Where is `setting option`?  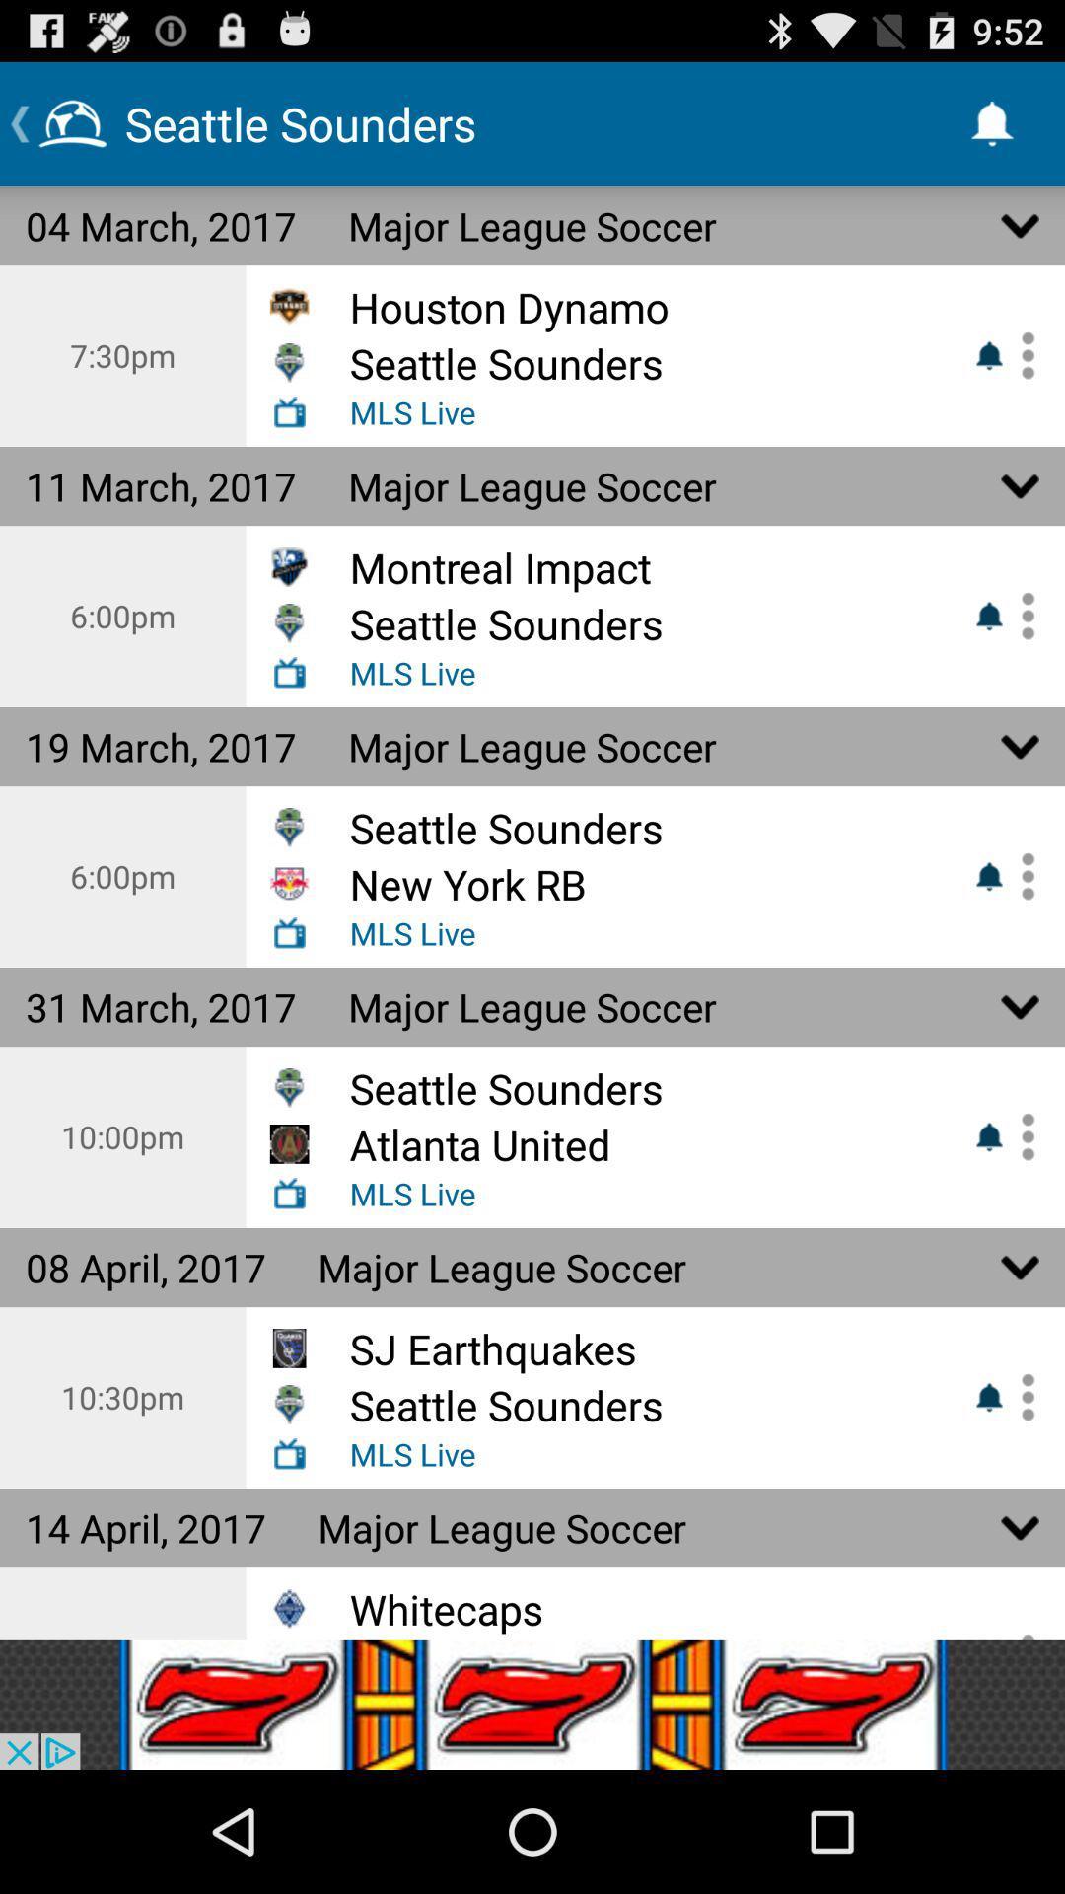
setting option is located at coordinates (1021, 615).